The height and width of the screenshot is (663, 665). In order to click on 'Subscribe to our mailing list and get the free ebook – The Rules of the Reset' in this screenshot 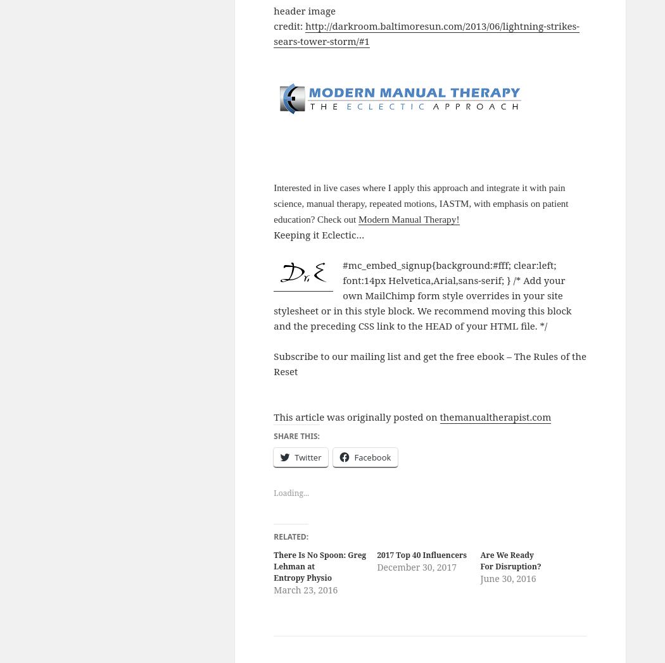, I will do `click(429, 362)`.